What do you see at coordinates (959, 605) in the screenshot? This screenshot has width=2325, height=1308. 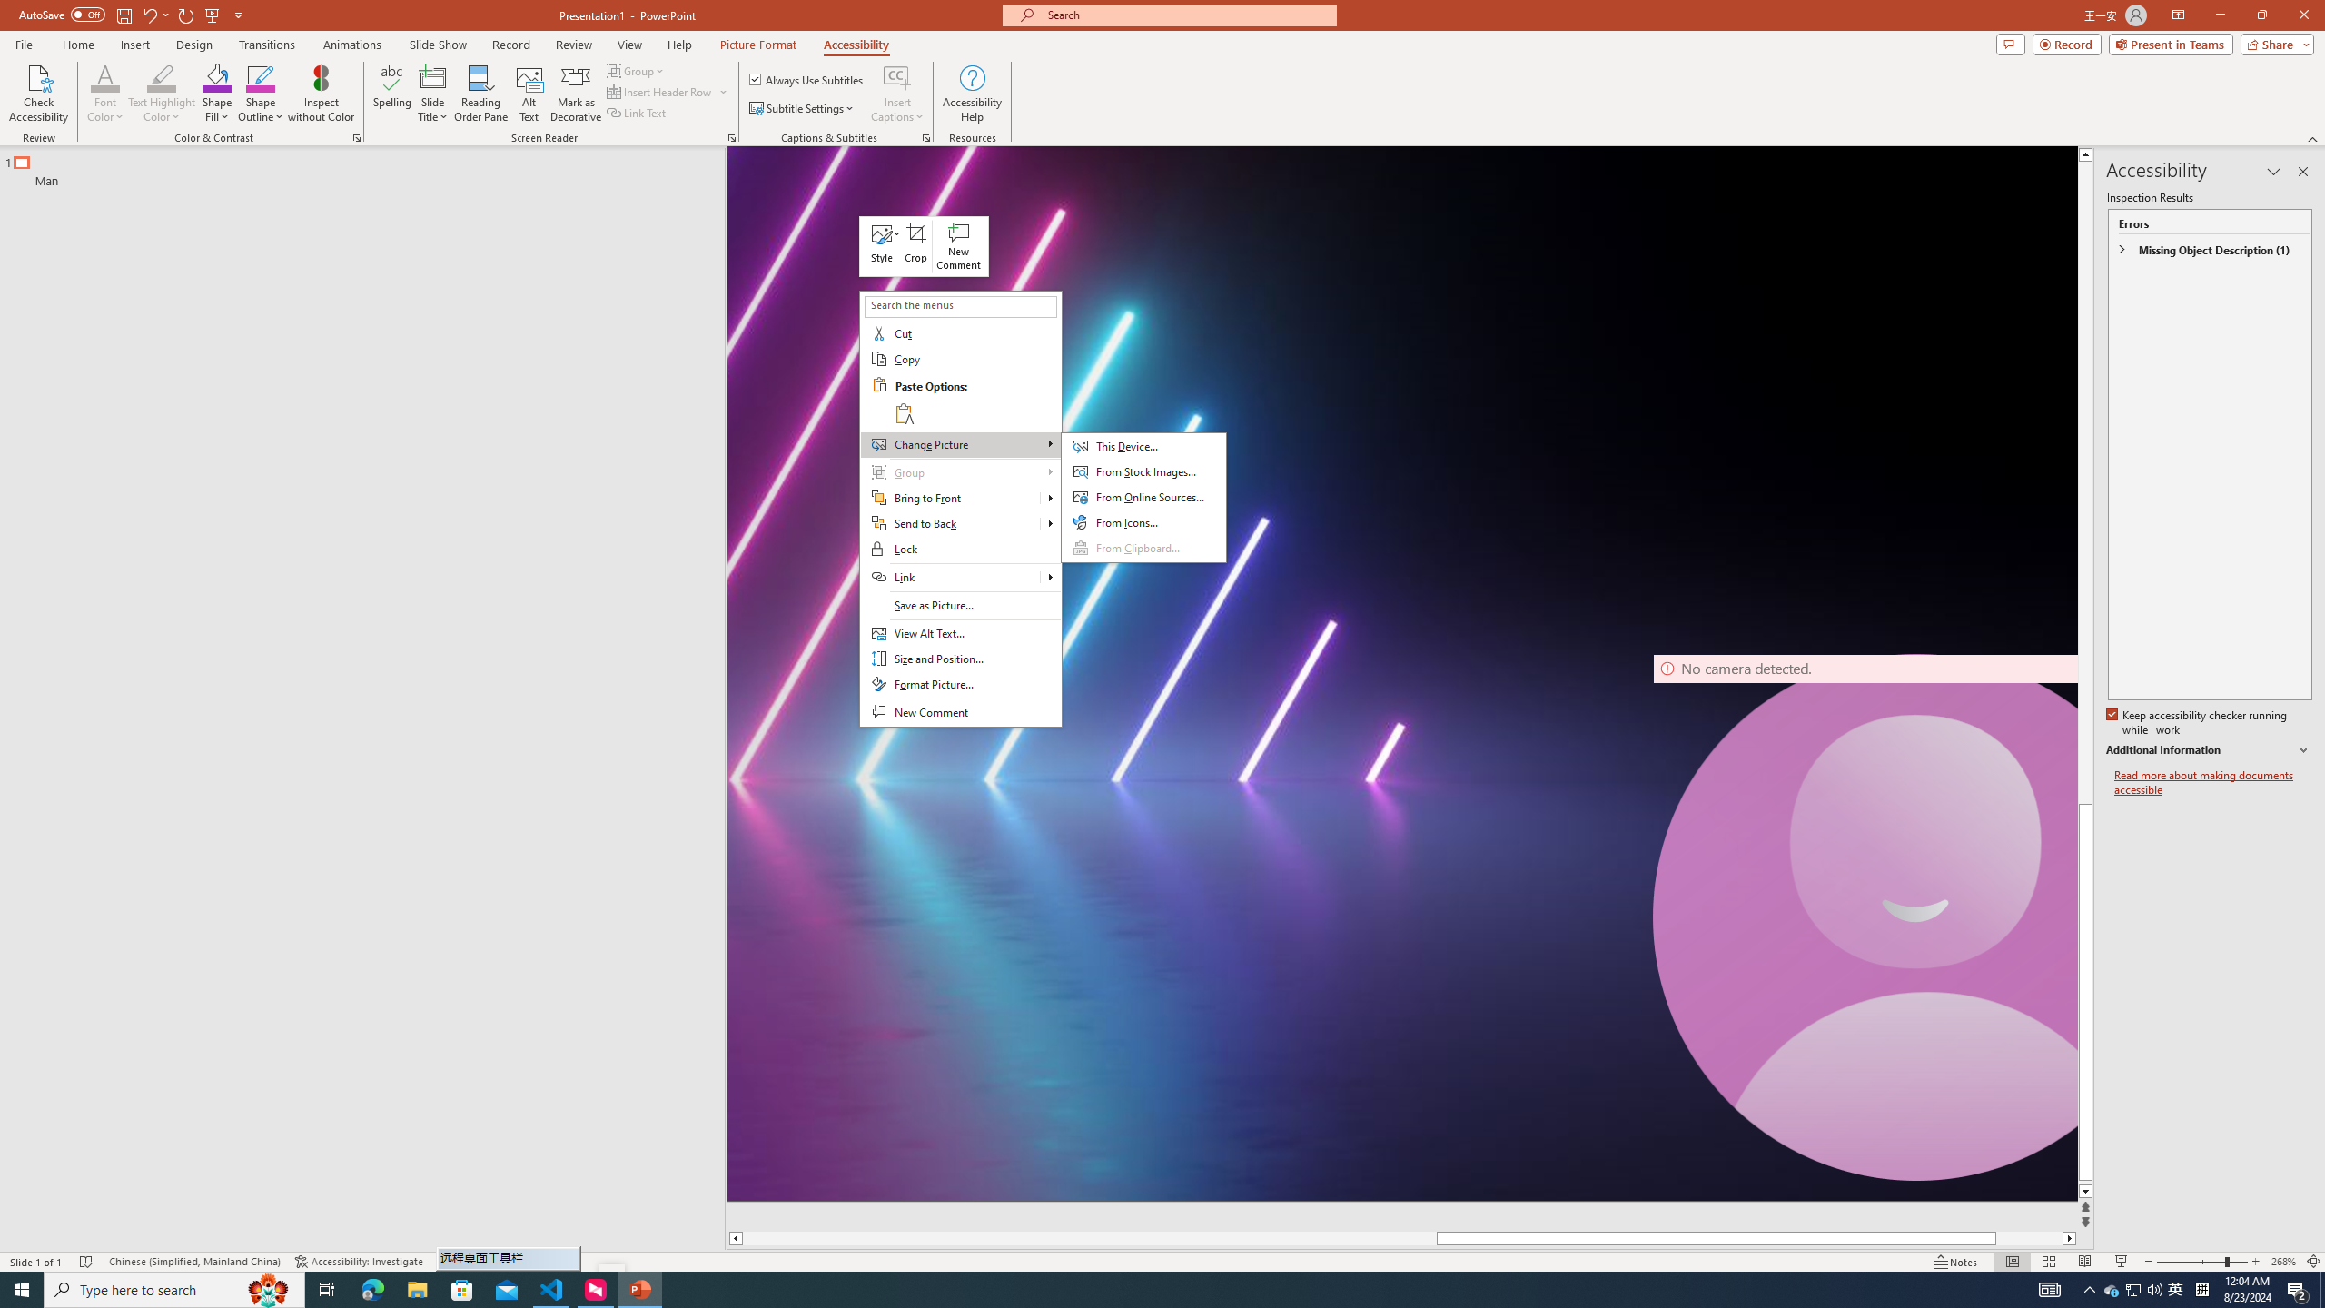 I see `'Save as Picture...'` at bounding box center [959, 605].